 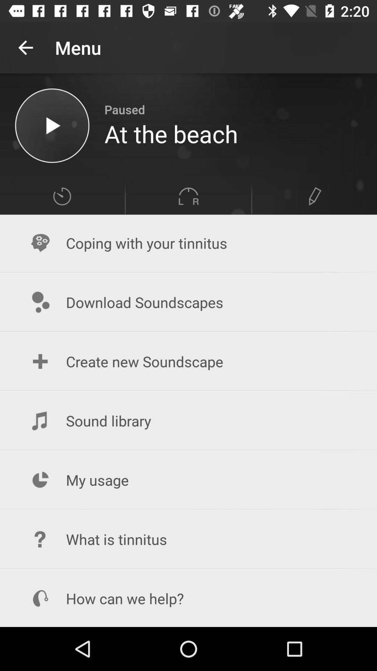 What do you see at coordinates (188, 479) in the screenshot?
I see `the my usage icon` at bounding box center [188, 479].